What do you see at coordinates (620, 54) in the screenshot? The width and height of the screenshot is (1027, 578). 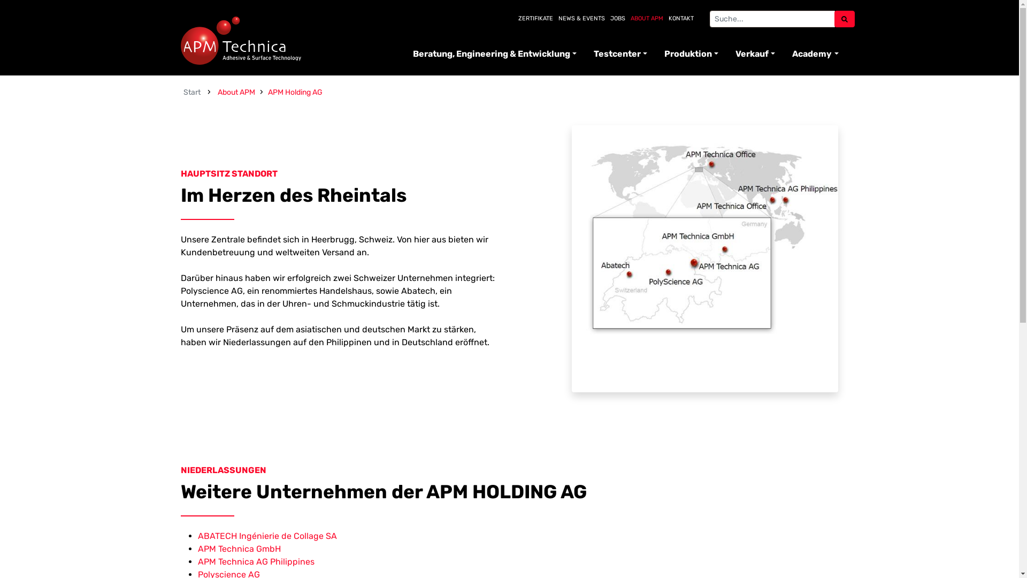 I see `'Testcenter'` at bounding box center [620, 54].